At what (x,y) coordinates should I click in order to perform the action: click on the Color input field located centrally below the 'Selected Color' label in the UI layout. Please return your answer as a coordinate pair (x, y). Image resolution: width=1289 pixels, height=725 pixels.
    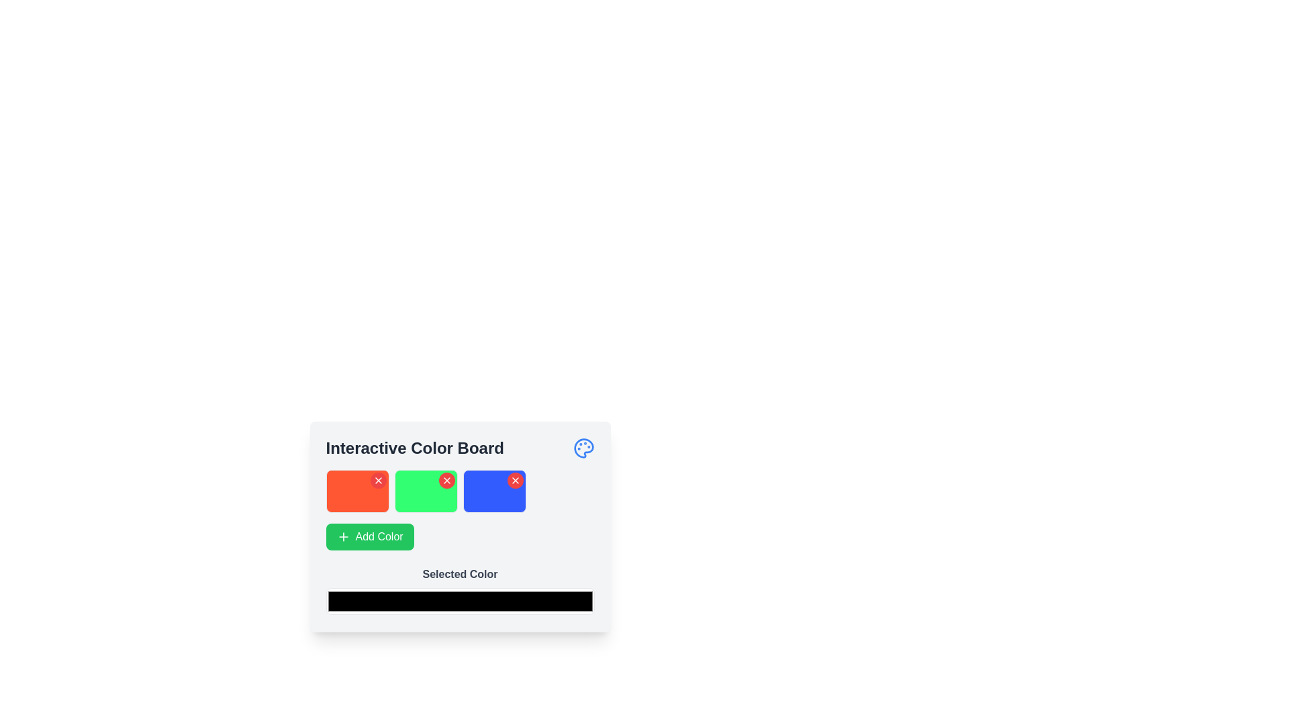
    Looking at the image, I should click on (460, 600).